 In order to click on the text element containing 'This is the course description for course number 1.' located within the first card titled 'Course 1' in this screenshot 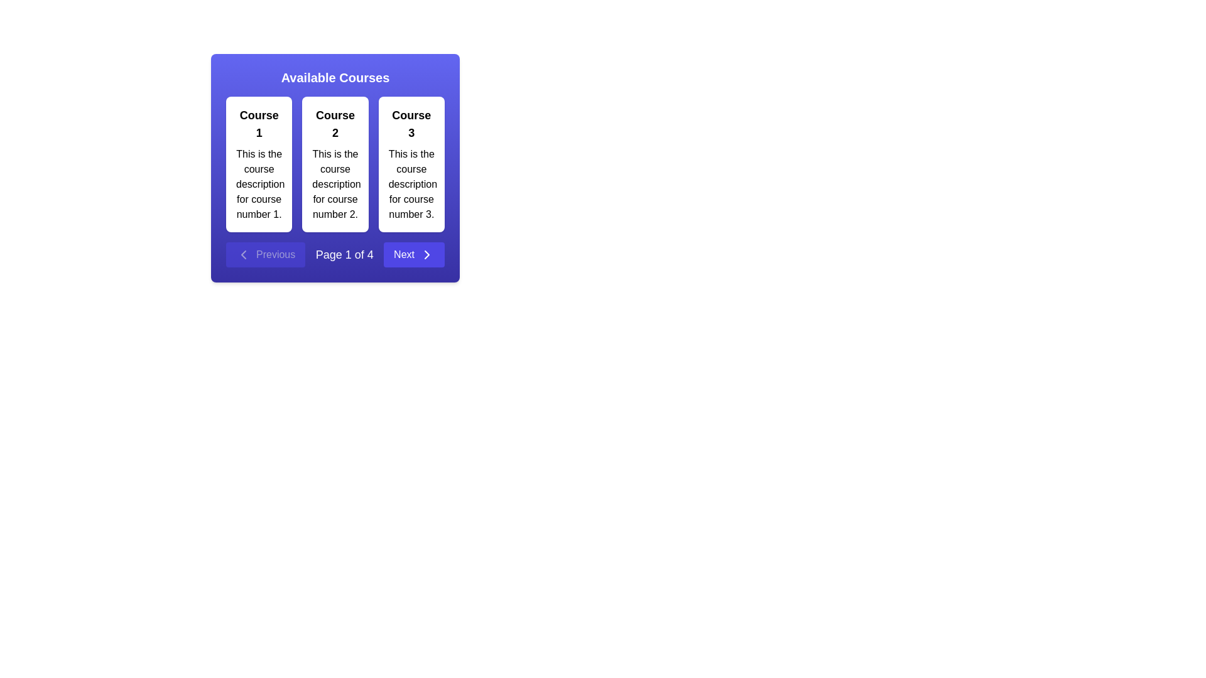, I will do `click(258, 184)`.